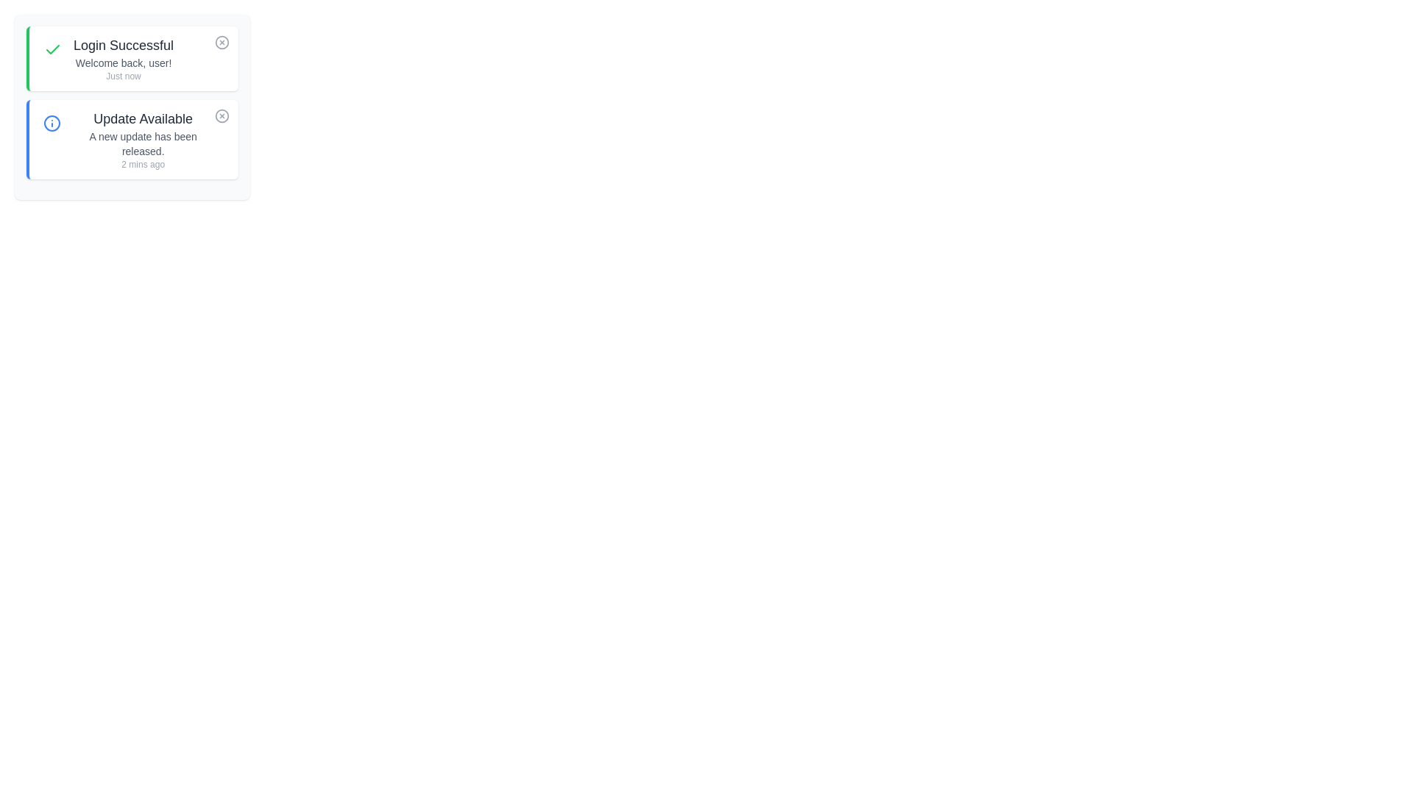 This screenshot has height=794, width=1413. What do you see at coordinates (222, 115) in the screenshot?
I see `the small circular 'X' button in the upper-right corner of the 'Update Available' notification card` at bounding box center [222, 115].